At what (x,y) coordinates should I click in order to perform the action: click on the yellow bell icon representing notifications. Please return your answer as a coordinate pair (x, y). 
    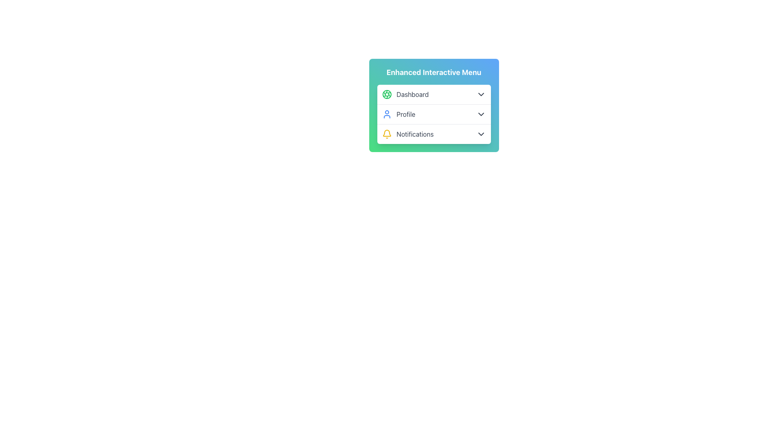
    Looking at the image, I should click on (386, 134).